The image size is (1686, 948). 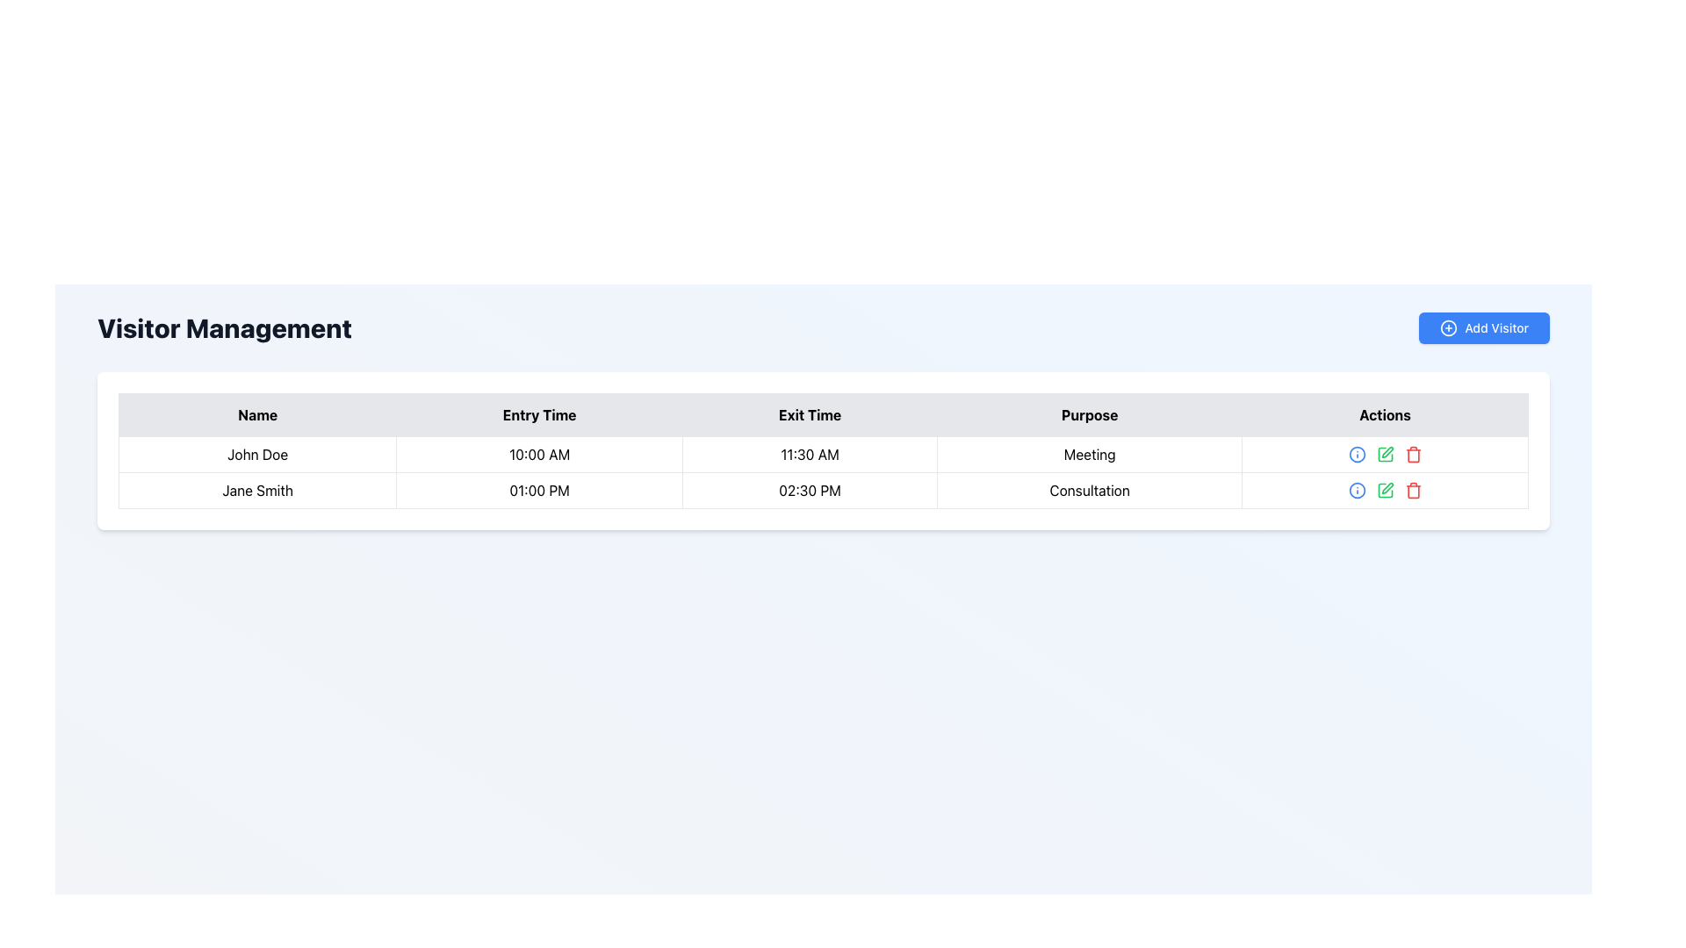 I want to click on information displayed in the Static text label that shows the exit time of a visitor, located in the second row of a table under the 'Exit Time' column, so click(x=809, y=491).